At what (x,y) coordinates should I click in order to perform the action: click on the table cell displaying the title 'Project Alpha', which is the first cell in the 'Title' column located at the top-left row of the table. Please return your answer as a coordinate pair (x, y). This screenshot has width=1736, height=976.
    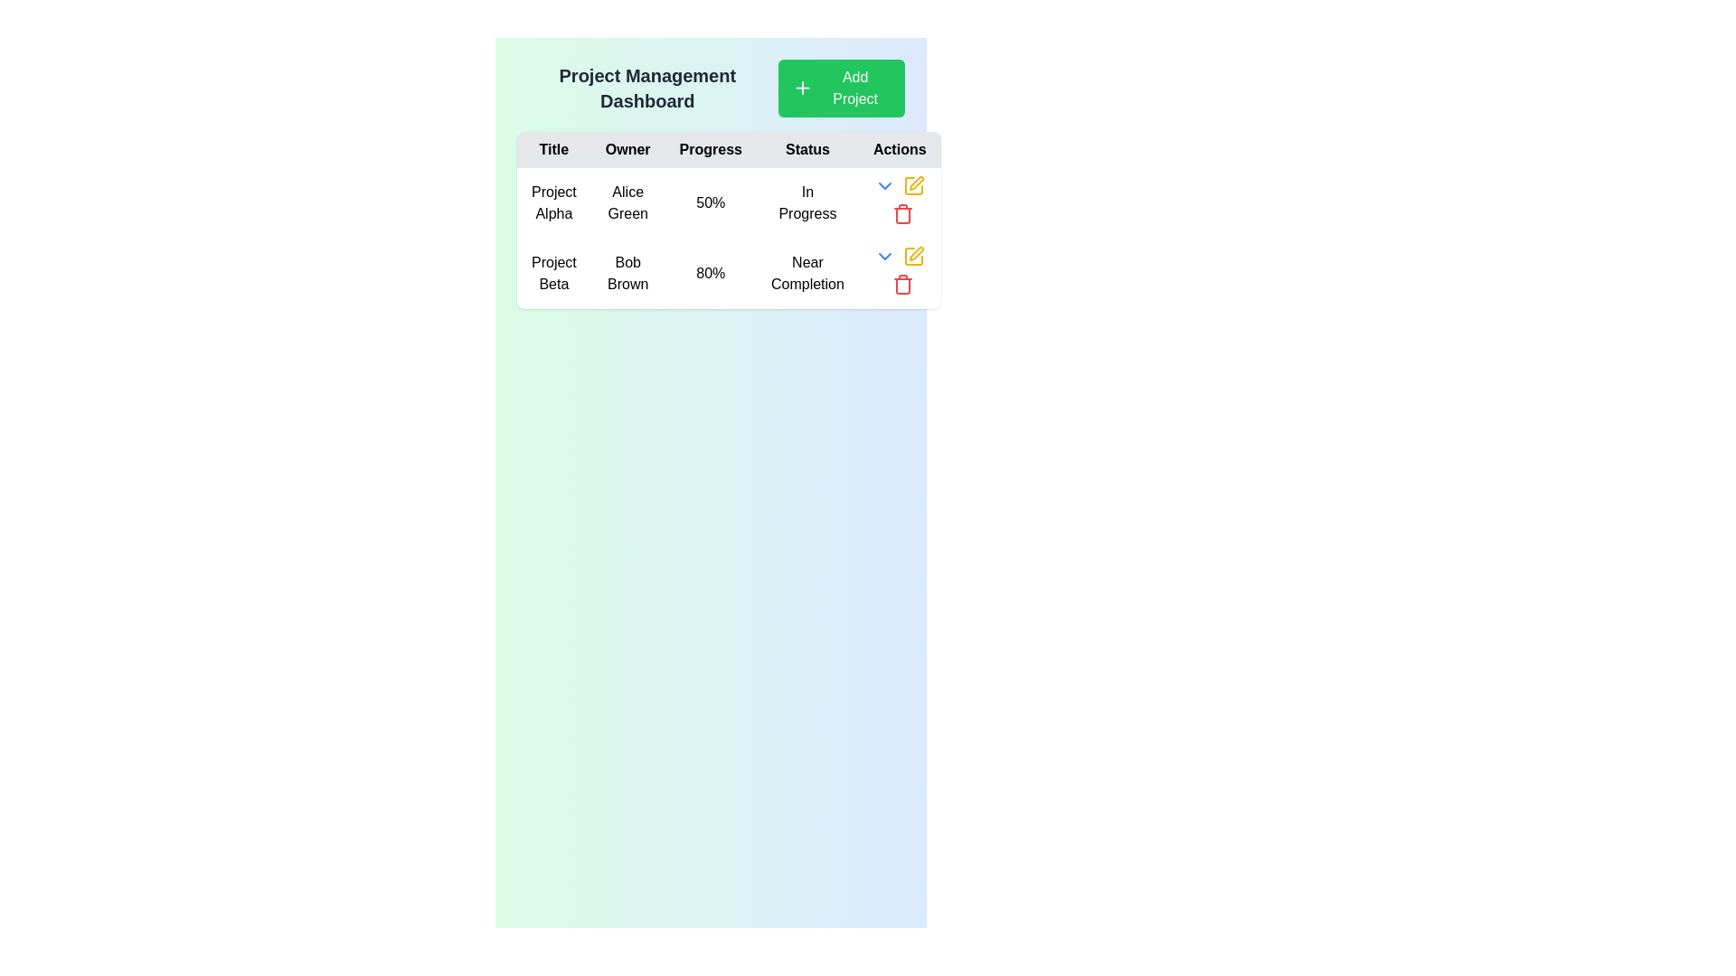
    Looking at the image, I should click on (552, 202).